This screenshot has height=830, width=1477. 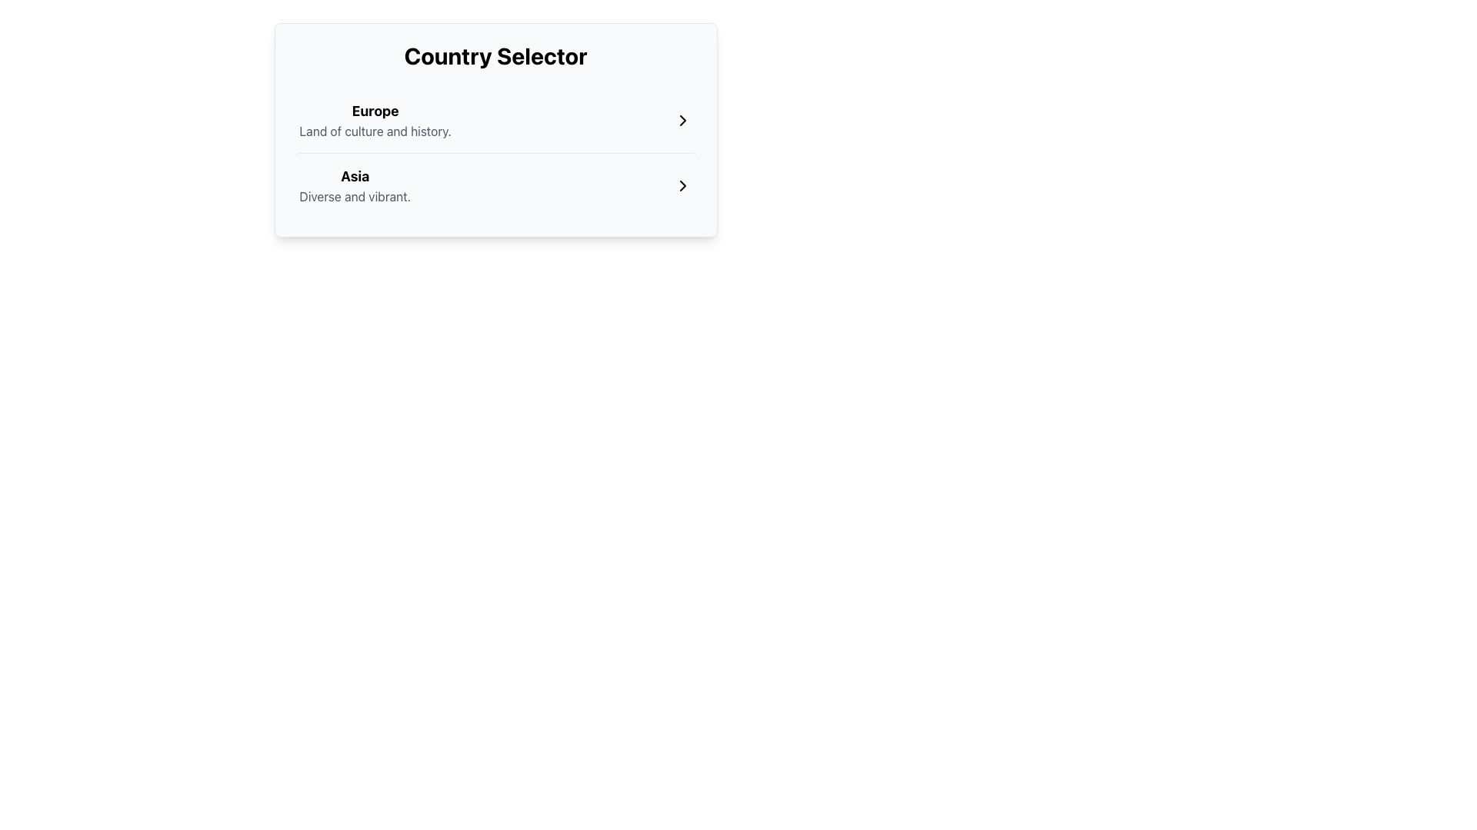 I want to click on the header label for 'Europe' located at the top of the 'Country Selector' panel, above the text 'Land of culture and history', so click(x=375, y=111).